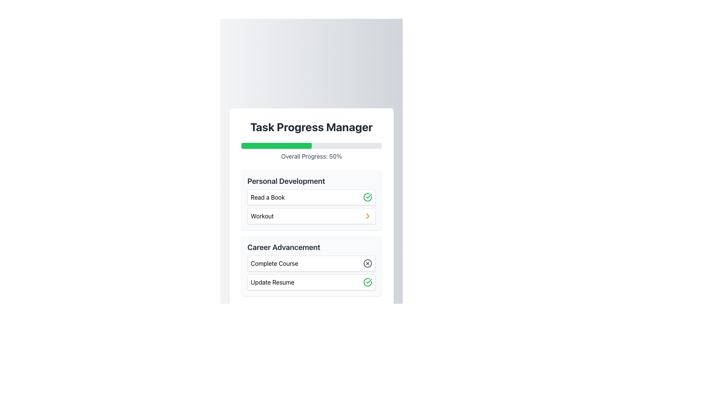  Describe the element at coordinates (311, 216) in the screenshot. I see `the interactive navigation item in the 'Personal Development' category, specifically the 'Workout' item` at that location.